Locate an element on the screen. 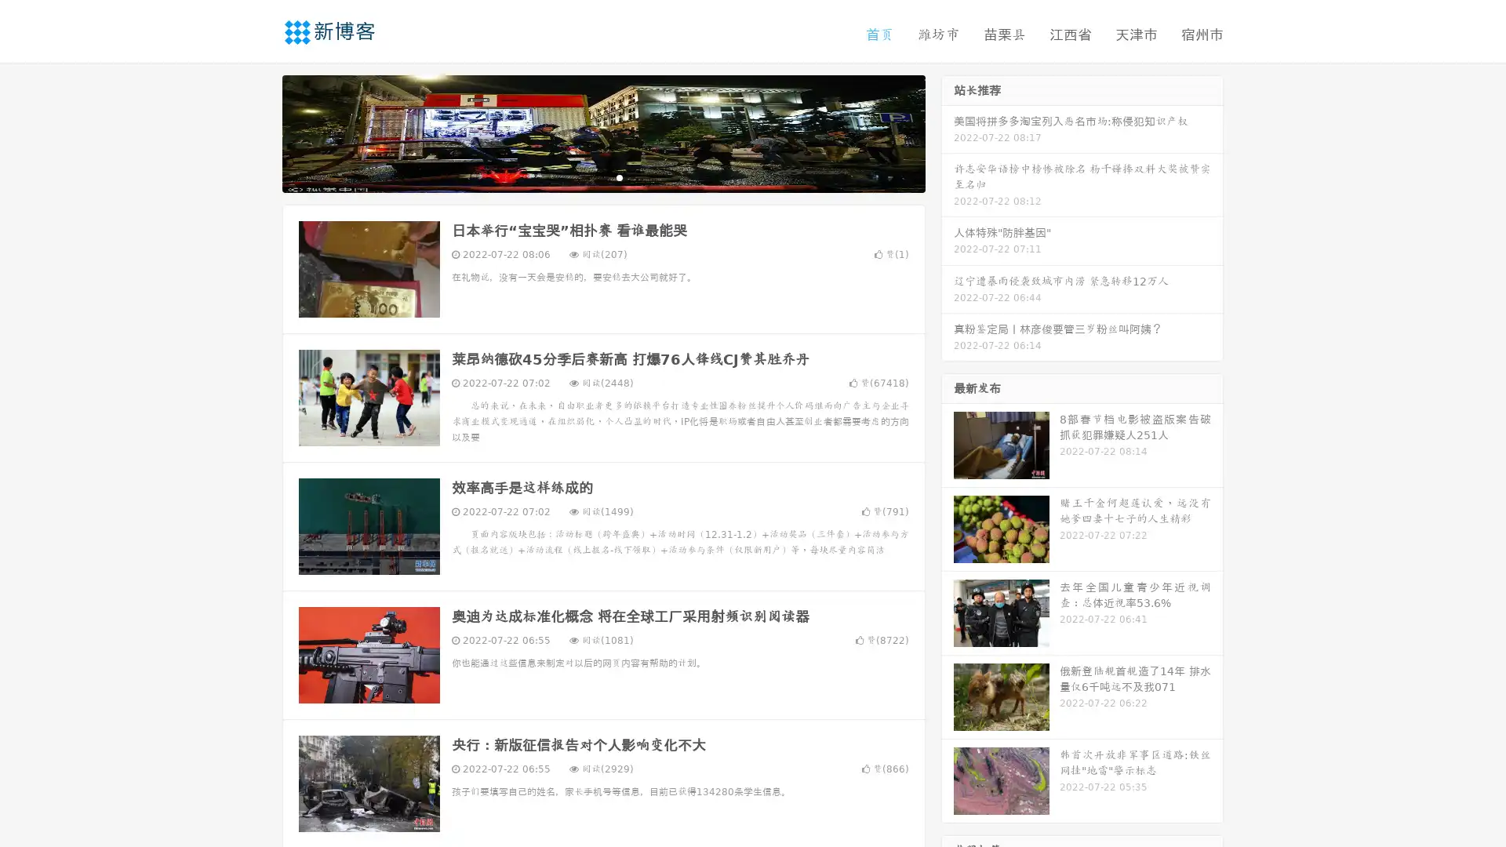 The width and height of the screenshot is (1506, 847). Go to slide 2 is located at coordinates (602, 176).